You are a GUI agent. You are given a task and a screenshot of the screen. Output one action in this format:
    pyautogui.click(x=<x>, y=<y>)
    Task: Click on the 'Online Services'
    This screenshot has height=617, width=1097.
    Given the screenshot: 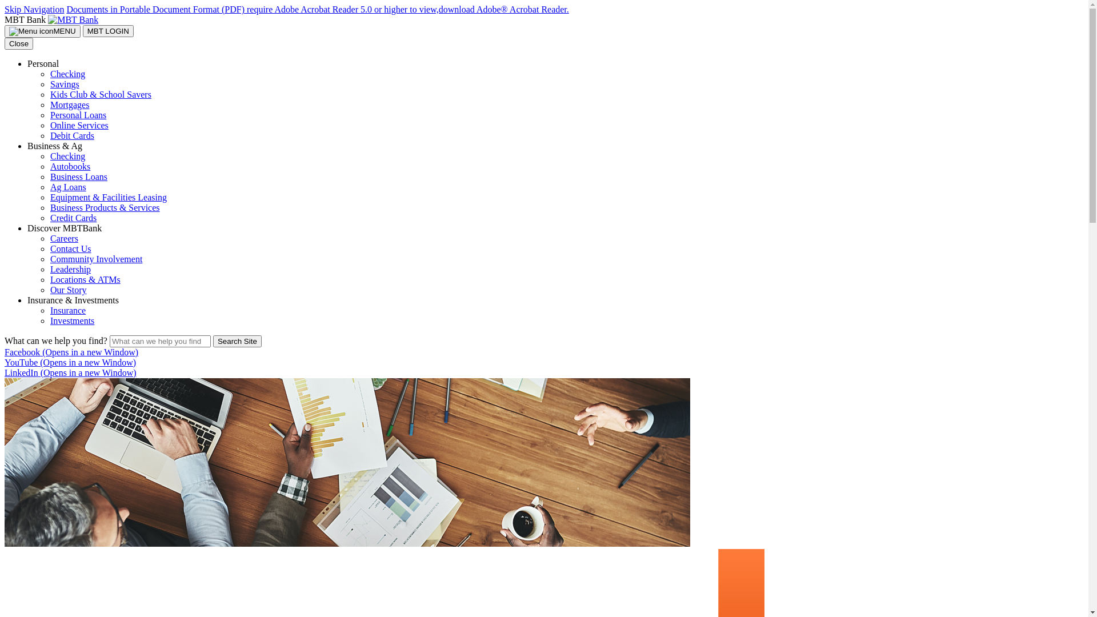 What is the action you would take?
    pyautogui.click(x=79, y=125)
    